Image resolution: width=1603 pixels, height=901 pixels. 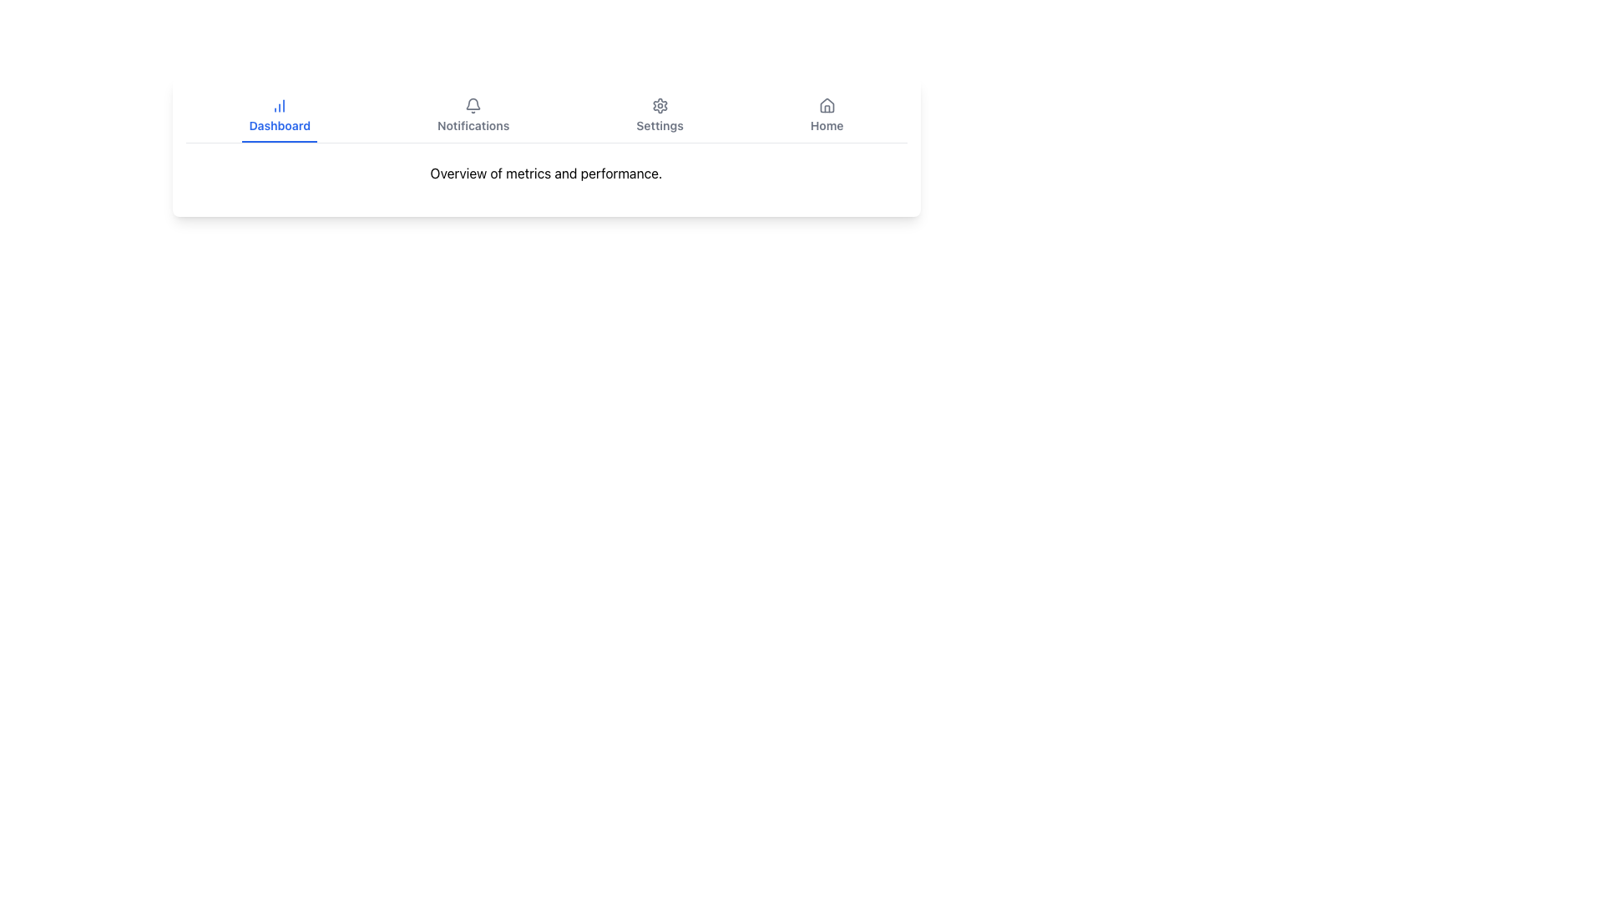 I want to click on the 'Home' button, which features a house icon and a gray label indicating its inactive state, so click(x=827, y=115).